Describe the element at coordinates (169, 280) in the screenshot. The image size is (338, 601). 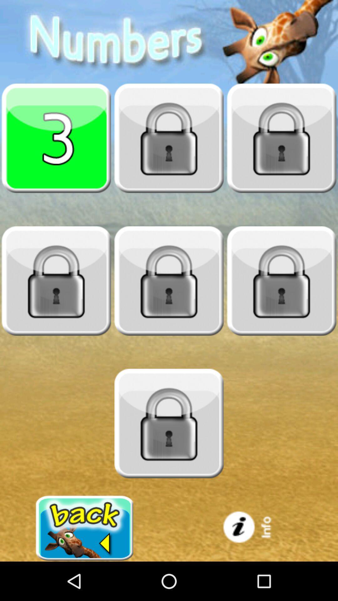
I see `open the lock` at that location.